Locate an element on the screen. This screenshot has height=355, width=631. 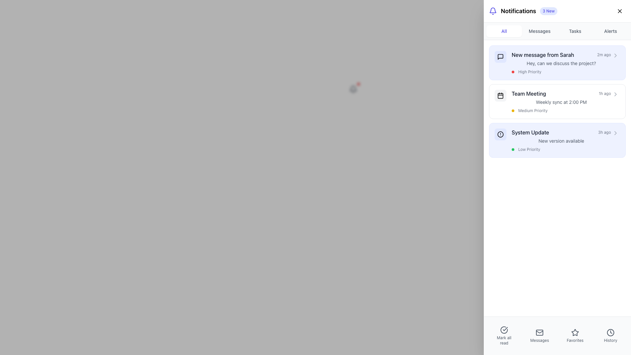
the right-pointing chevron icon located near the center-right corner of the 'Team Meeting' notification in the Notifications panel is located at coordinates (615, 94).